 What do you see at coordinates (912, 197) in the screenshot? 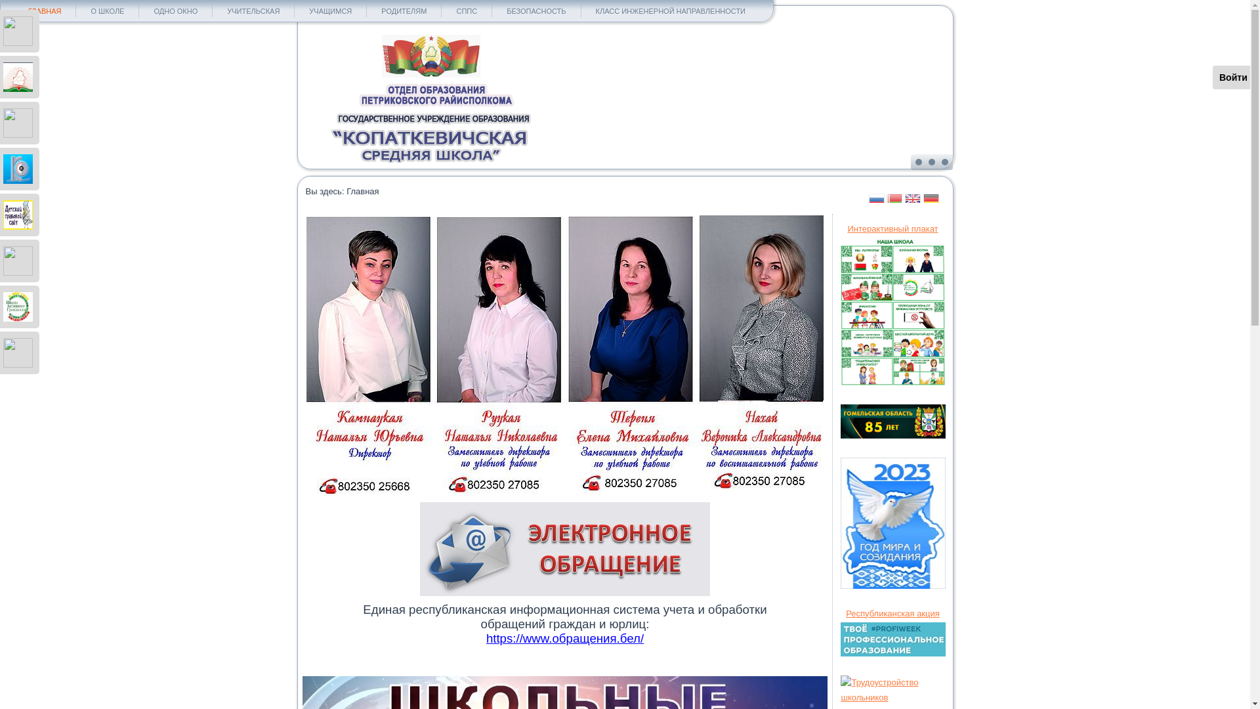
I see `'English'` at bounding box center [912, 197].